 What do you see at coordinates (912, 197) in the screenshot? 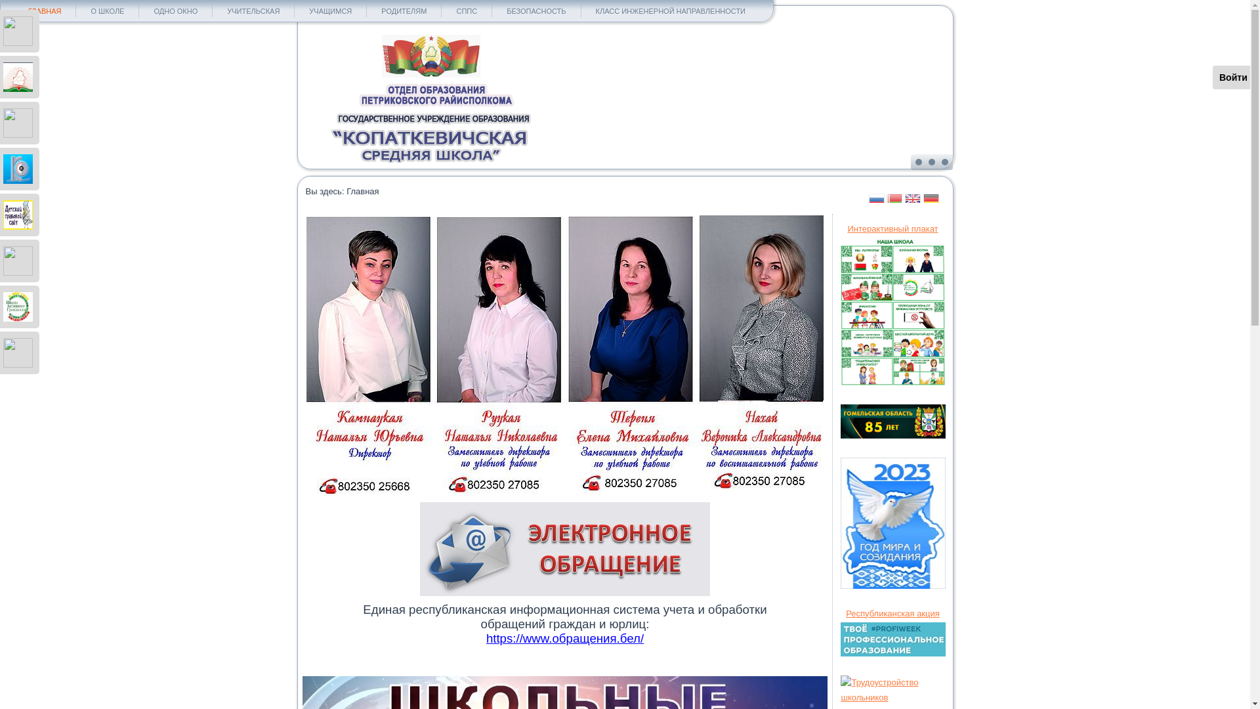
I see `'English'` at bounding box center [912, 197].